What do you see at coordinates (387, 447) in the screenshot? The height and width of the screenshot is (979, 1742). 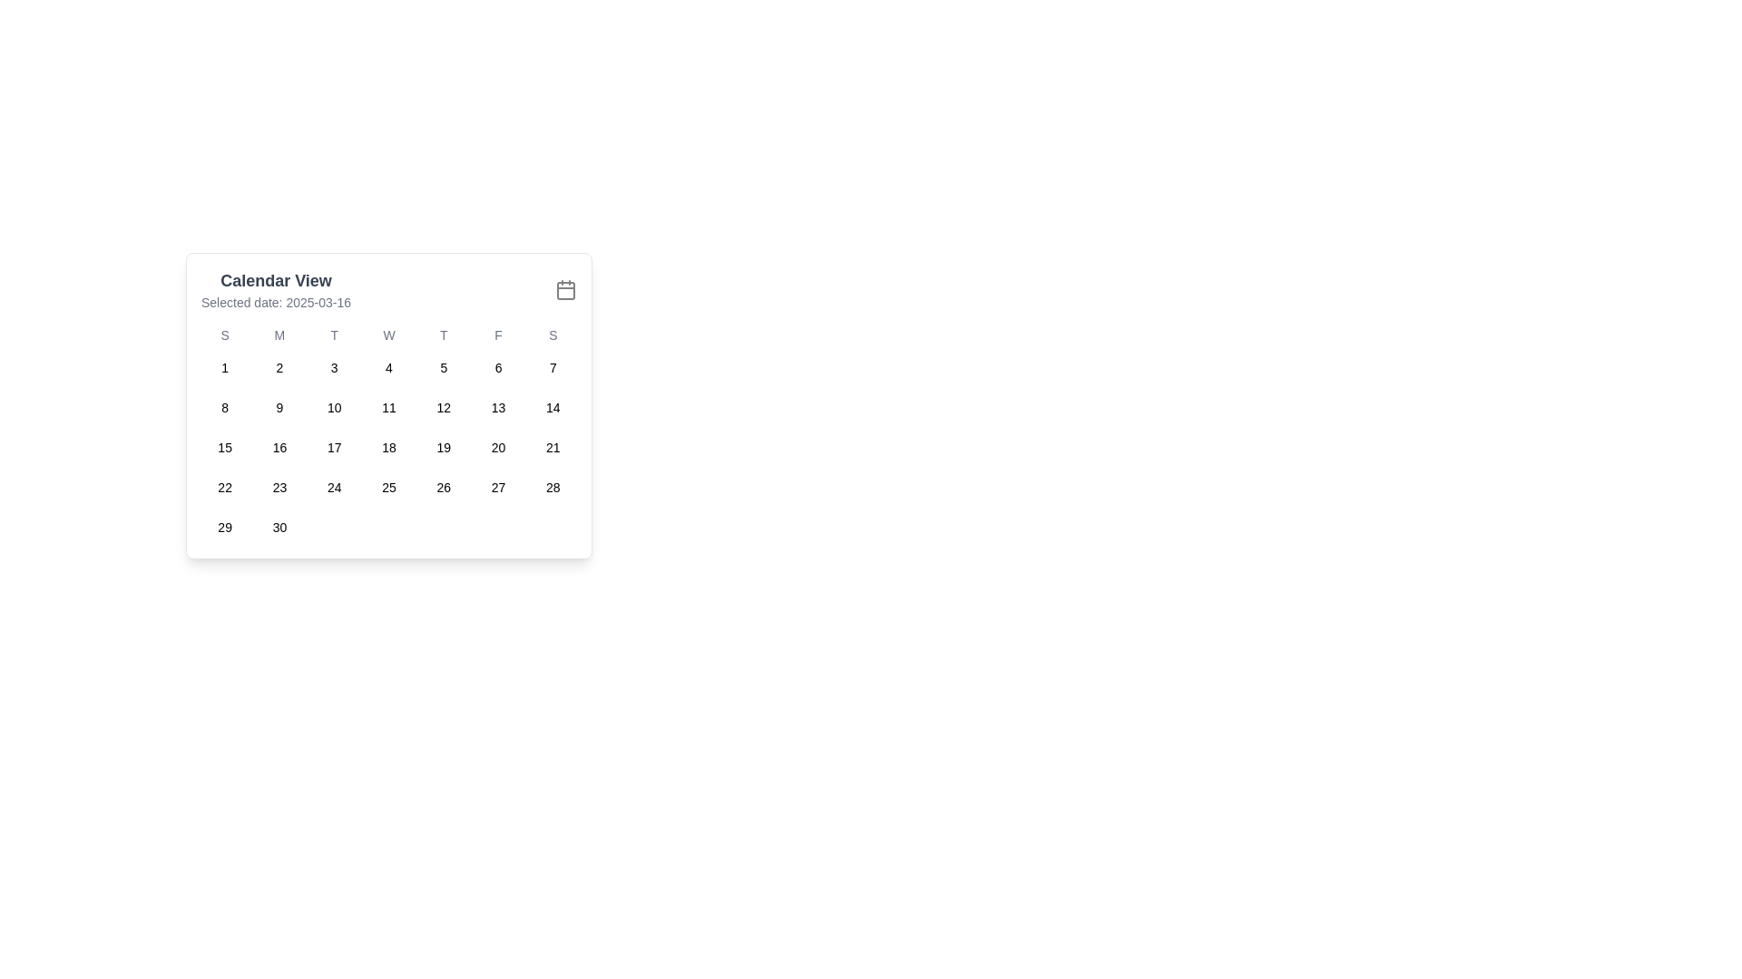 I see `the clickable number '18' element in the third row and fourth column of the calendar grid, positioned under the 'W' weekday header` at bounding box center [387, 447].